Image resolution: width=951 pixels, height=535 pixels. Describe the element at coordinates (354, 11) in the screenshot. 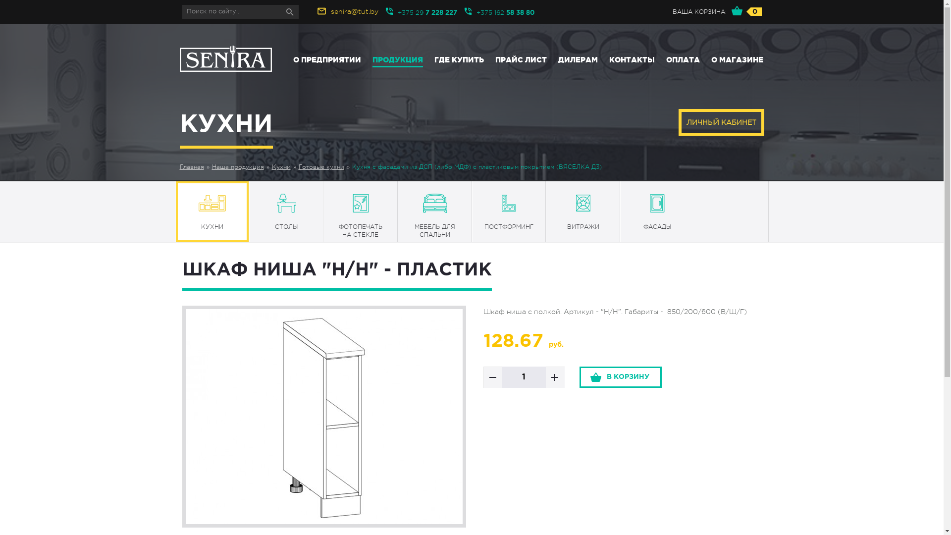

I see `'senira@tut.by'` at that location.